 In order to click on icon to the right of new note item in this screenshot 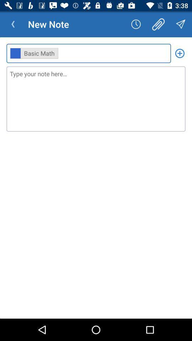, I will do `click(136, 24)`.